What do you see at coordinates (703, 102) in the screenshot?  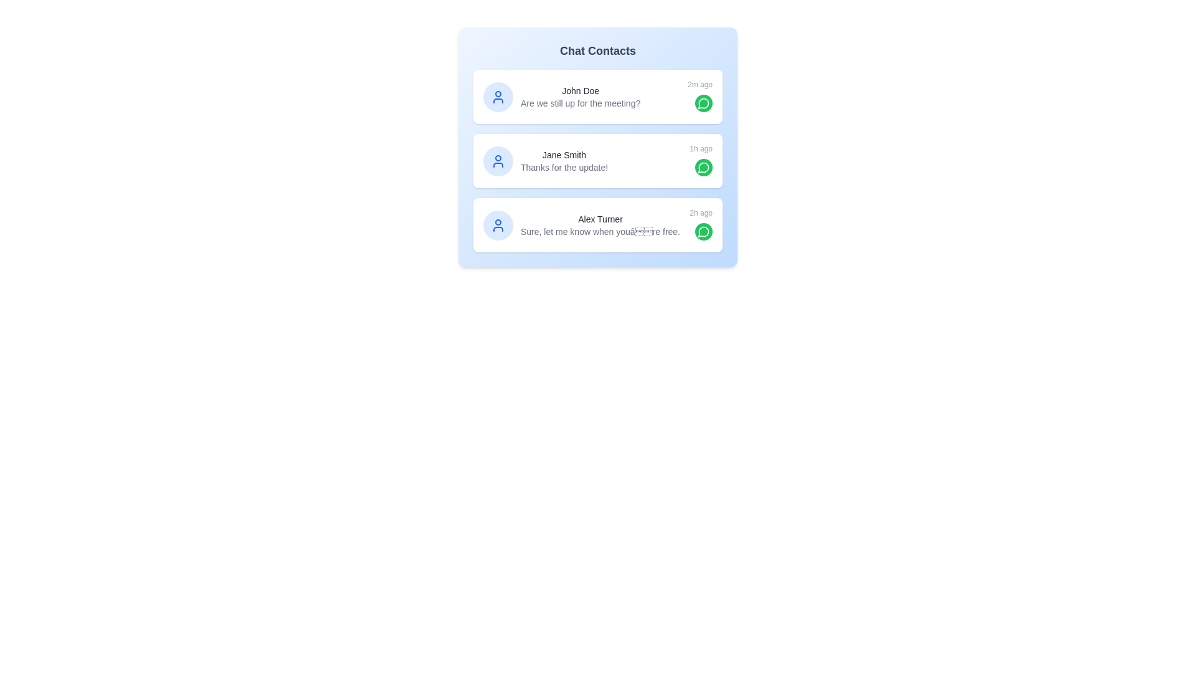 I see `the chat button for John Doe to open their chat interface` at bounding box center [703, 102].